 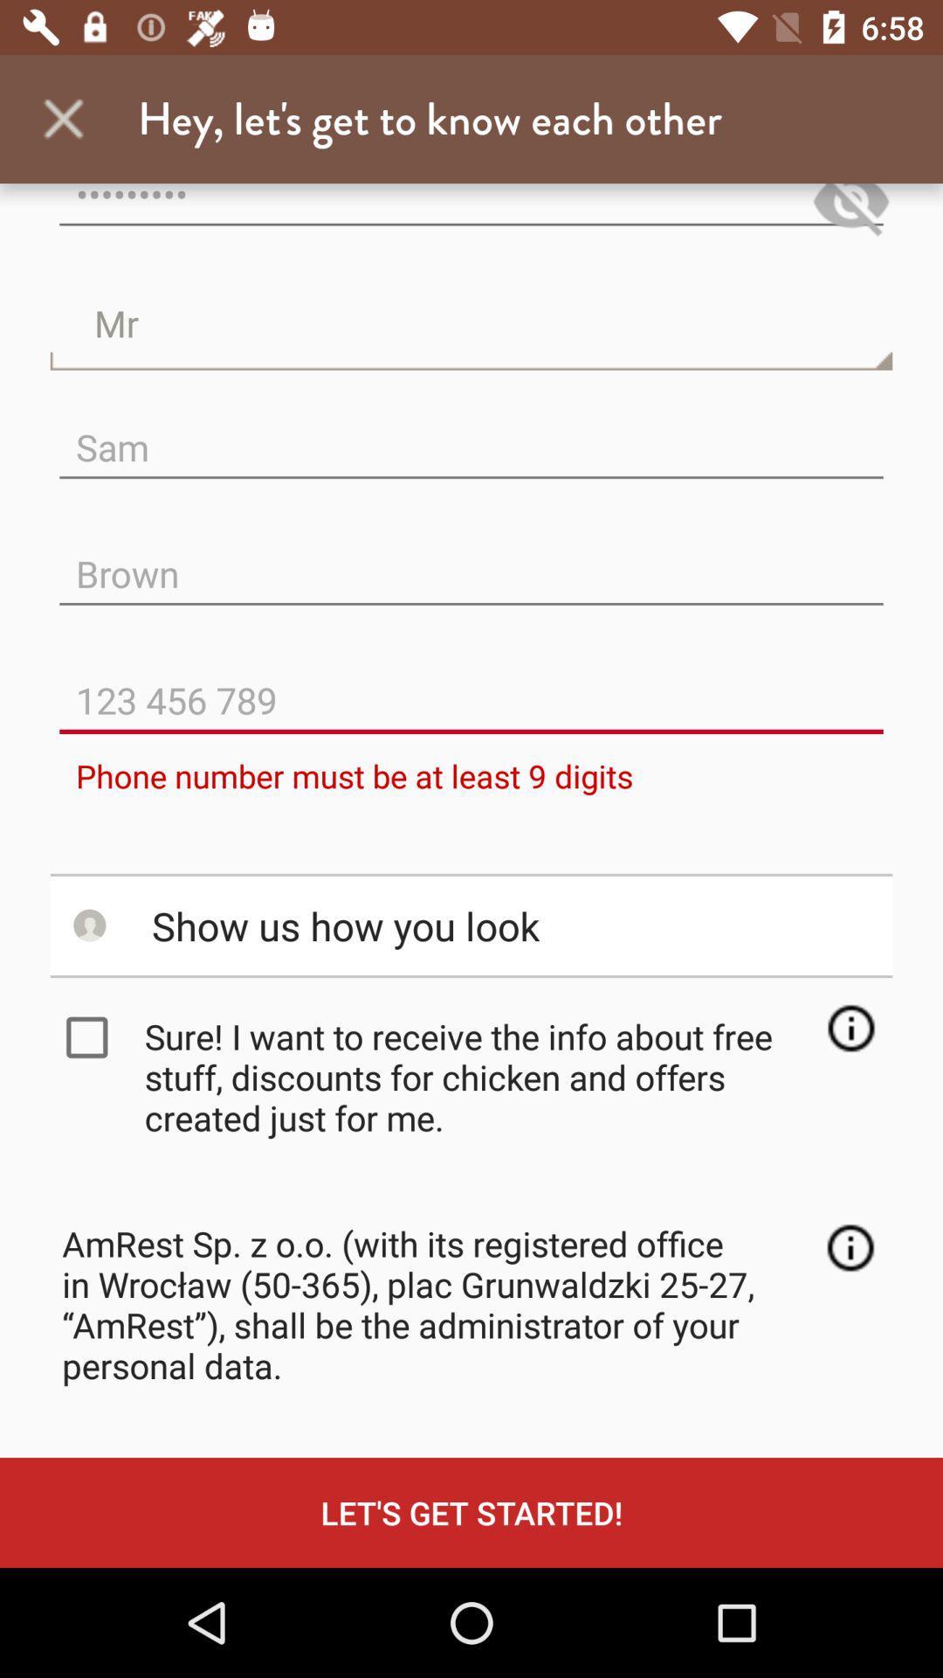 I want to click on the app next to hey let s item, so click(x=63, y=118).